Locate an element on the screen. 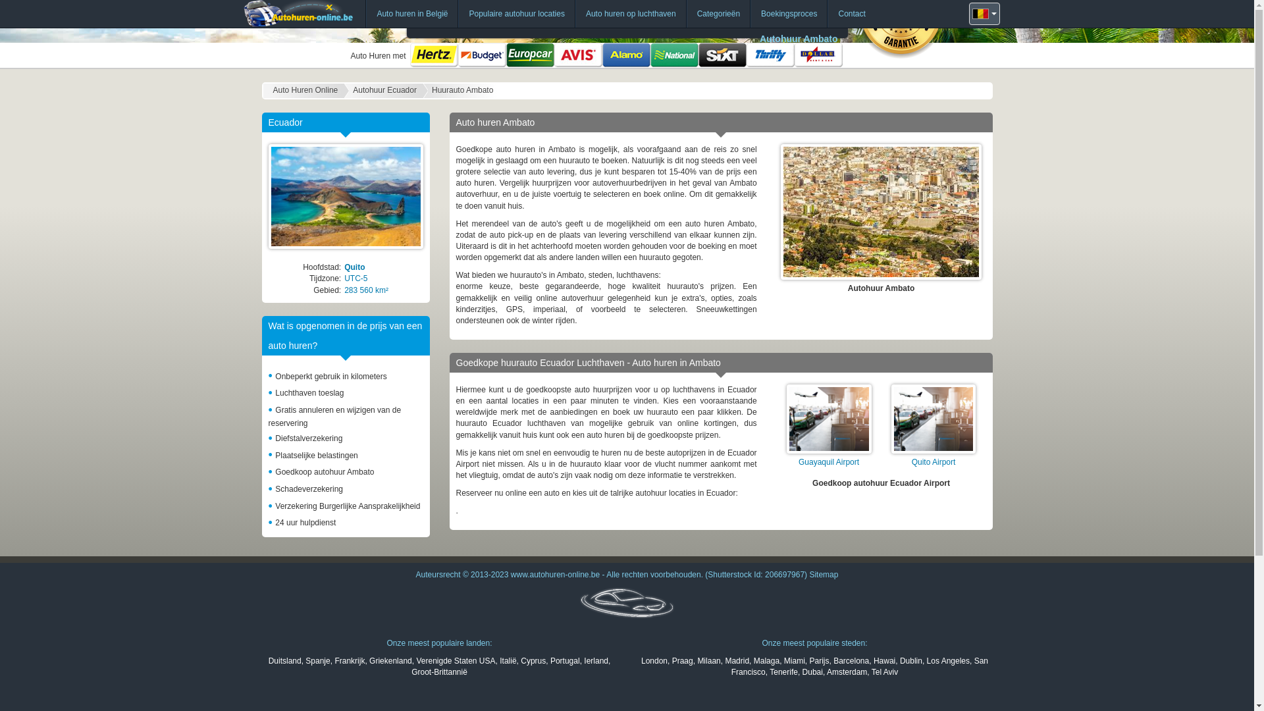  'Auto huren op luchthaven' is located at coordinates (630, 13).